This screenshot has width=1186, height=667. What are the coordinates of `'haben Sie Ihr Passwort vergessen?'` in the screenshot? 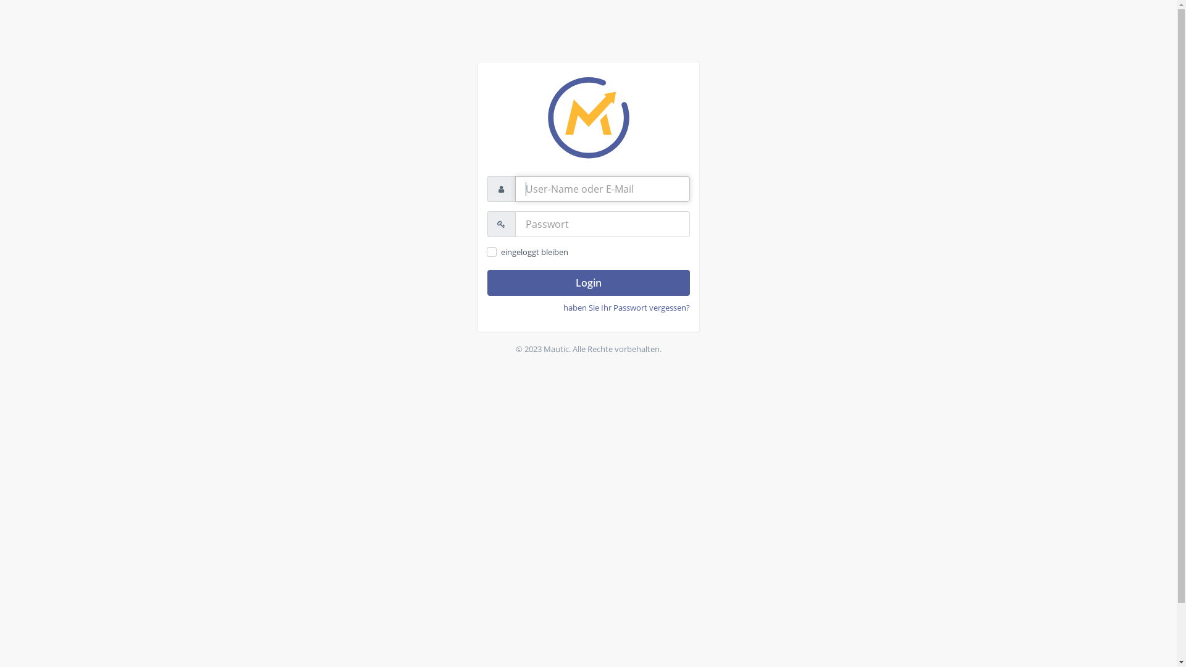 It's located at (626, 306).